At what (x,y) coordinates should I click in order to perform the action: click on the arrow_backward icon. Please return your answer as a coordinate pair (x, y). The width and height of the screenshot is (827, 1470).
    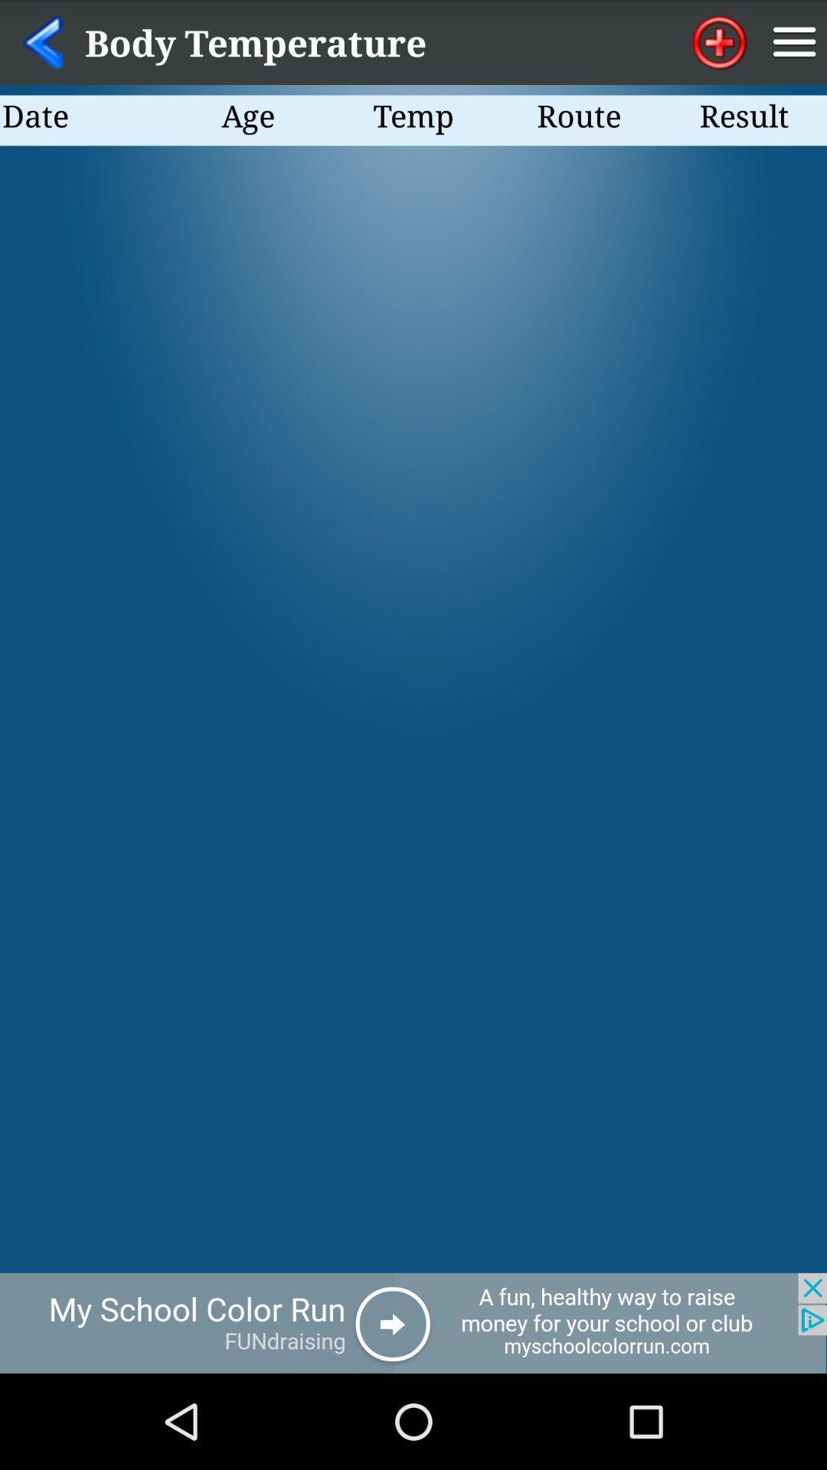
    Looking at the image, I should click on (41, 45).